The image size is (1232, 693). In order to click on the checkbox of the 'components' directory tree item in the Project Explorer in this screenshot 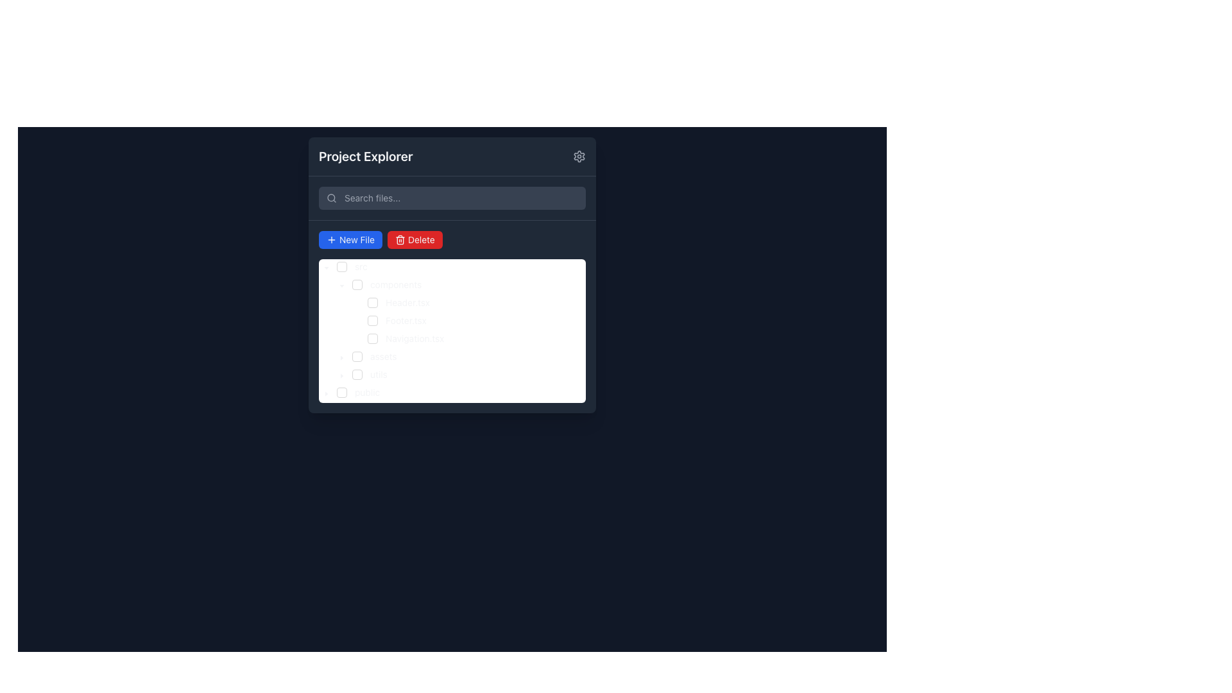, I will do `click(372, 284)`.